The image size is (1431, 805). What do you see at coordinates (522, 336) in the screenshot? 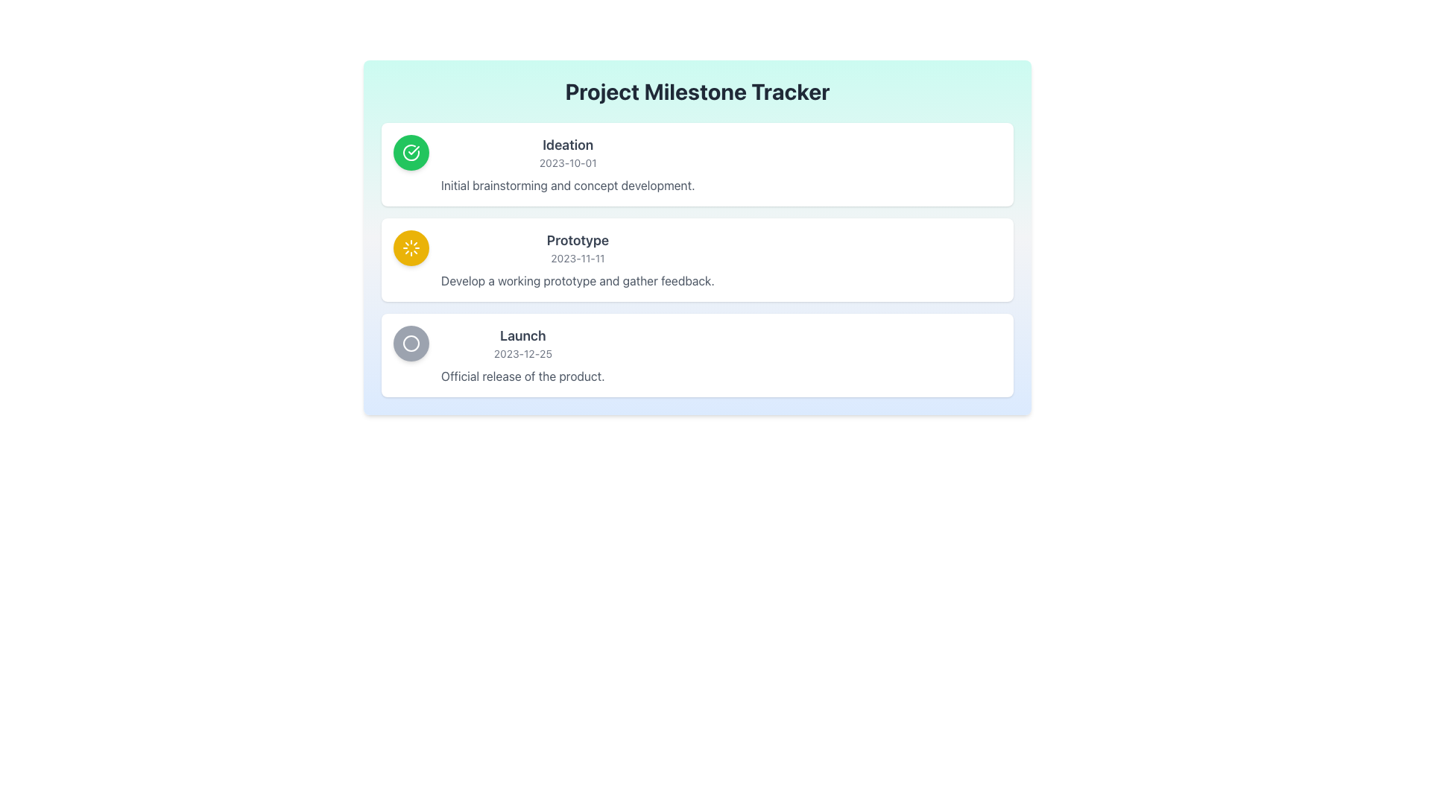
I see `the 'Launch' milestone title text label to read its content` at bounding box center [522, 336].